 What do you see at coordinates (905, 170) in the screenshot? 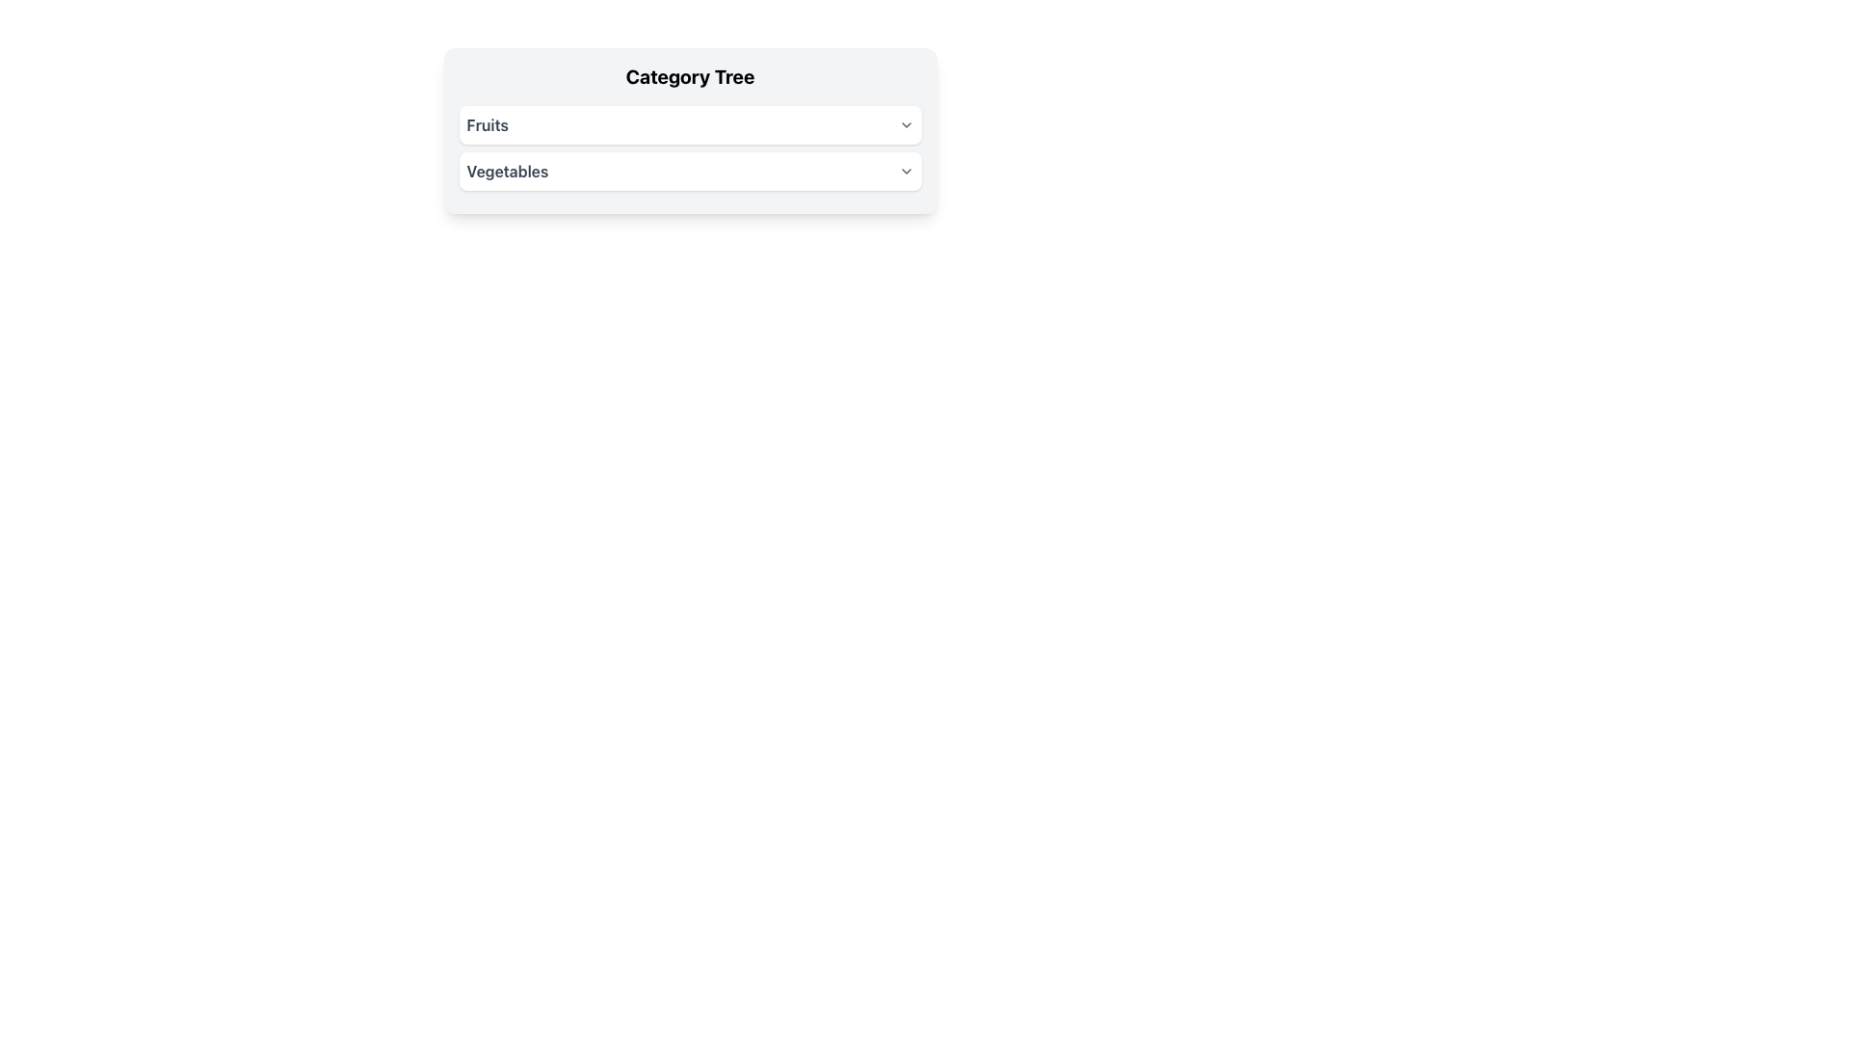
I see `the Dropdown indicator icon located at the far-right side of the 'Vegetables' list item` at bounding box center [905, 170].